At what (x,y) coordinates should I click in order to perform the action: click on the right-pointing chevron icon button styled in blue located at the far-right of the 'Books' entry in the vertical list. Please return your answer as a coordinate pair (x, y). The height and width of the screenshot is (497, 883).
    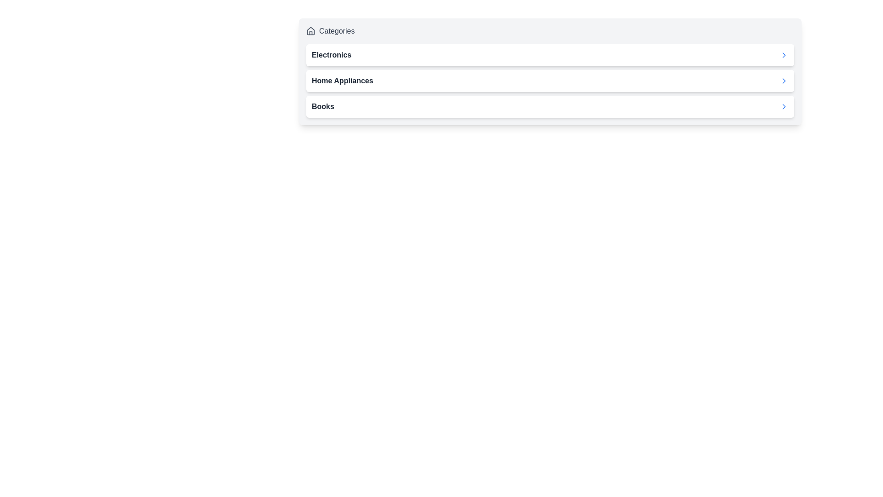
    Looking at the image, I should click on (783, 106).